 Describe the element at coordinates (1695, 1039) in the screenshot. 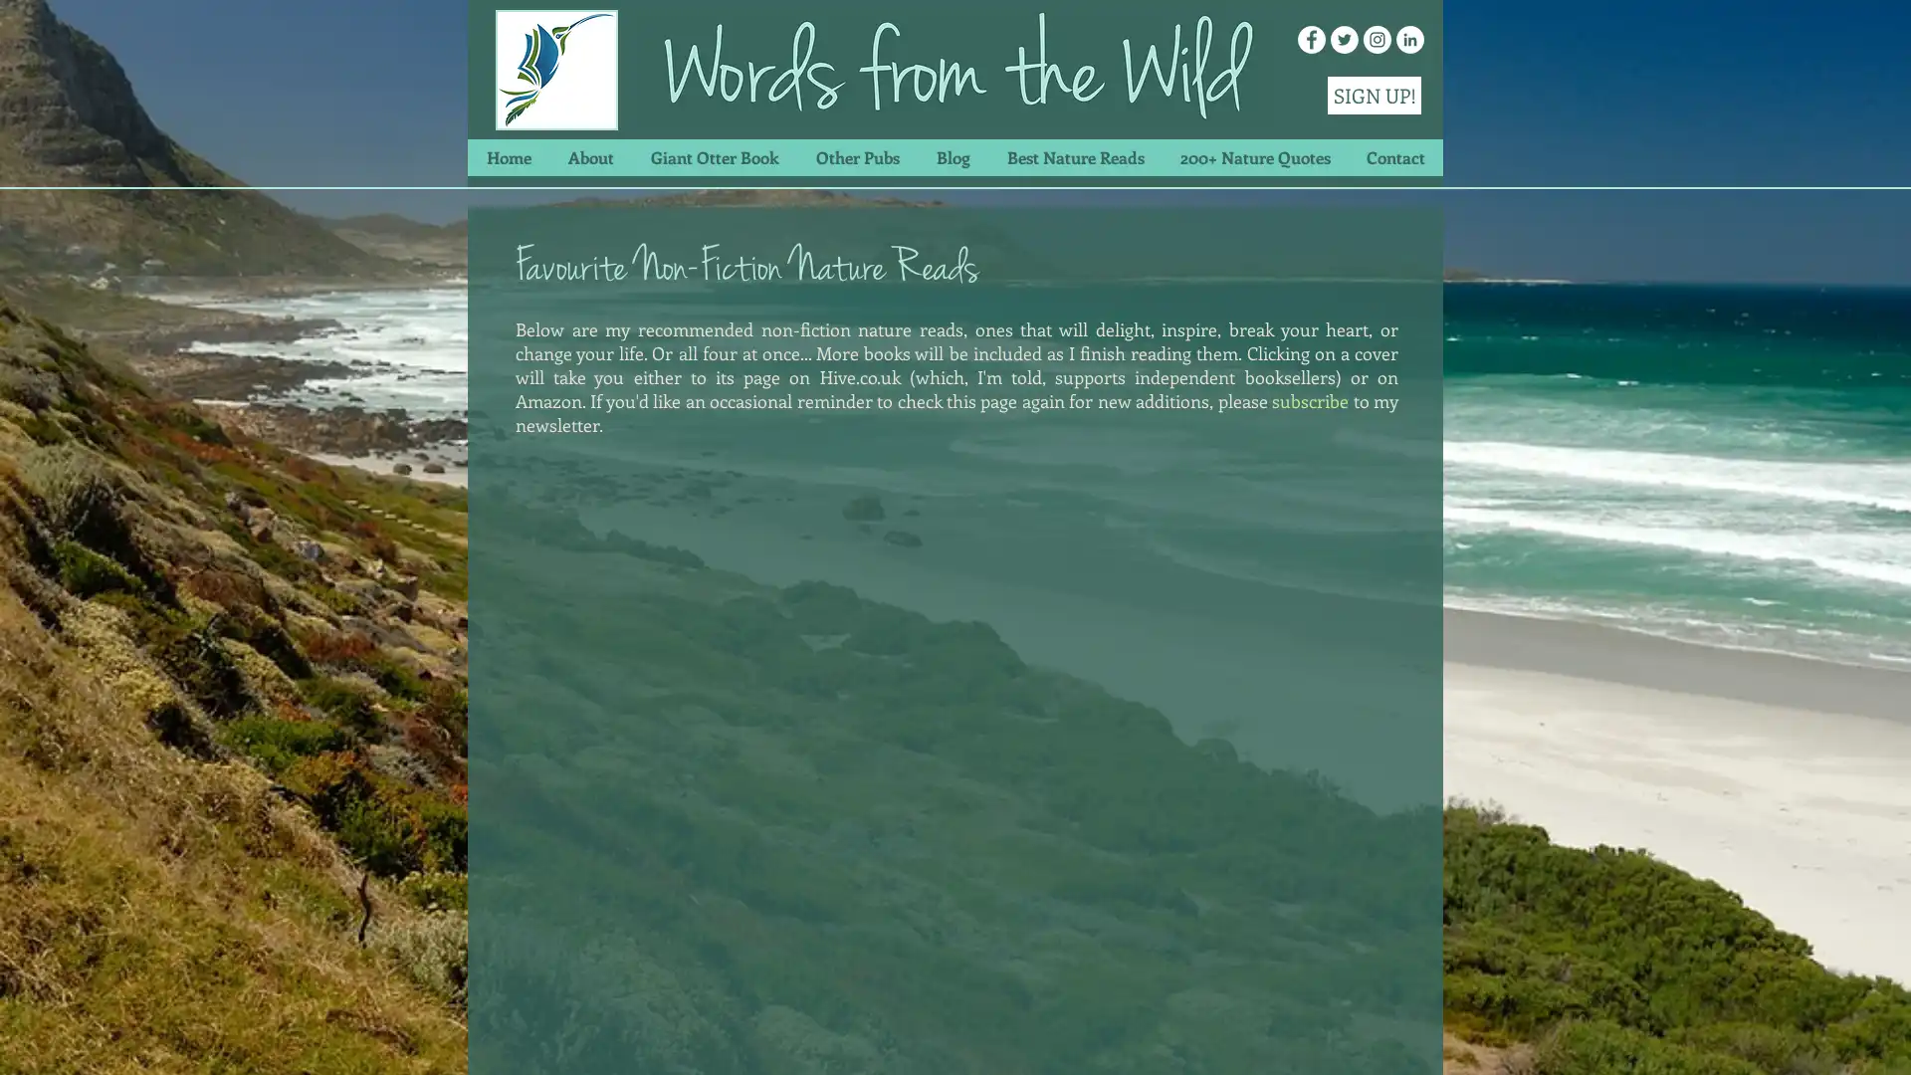

I see `Cookie Settings` at that location.